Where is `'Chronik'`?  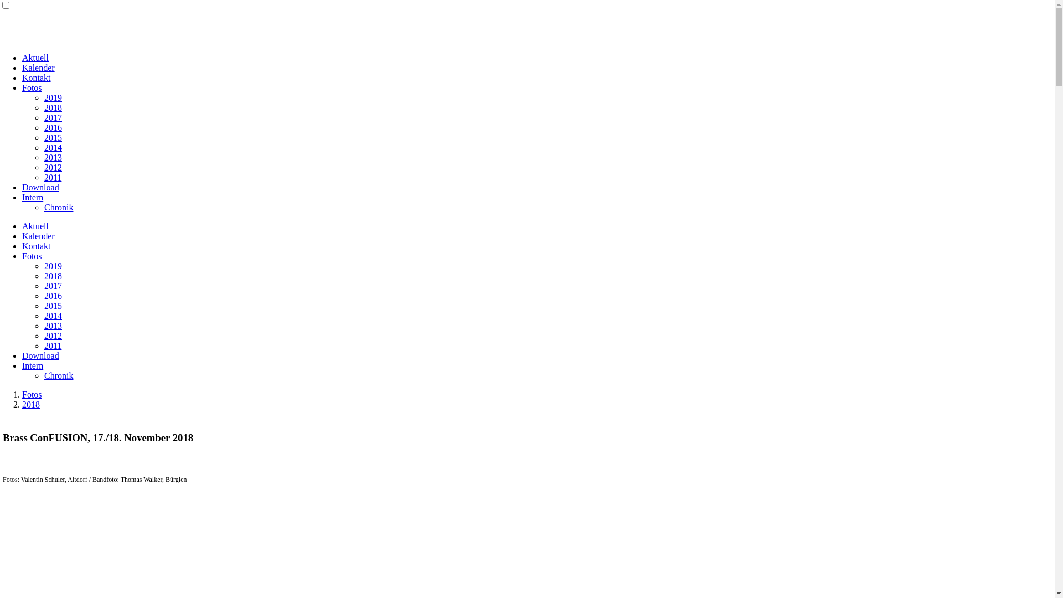 'Chronik' is located at coordinates (58, 207).